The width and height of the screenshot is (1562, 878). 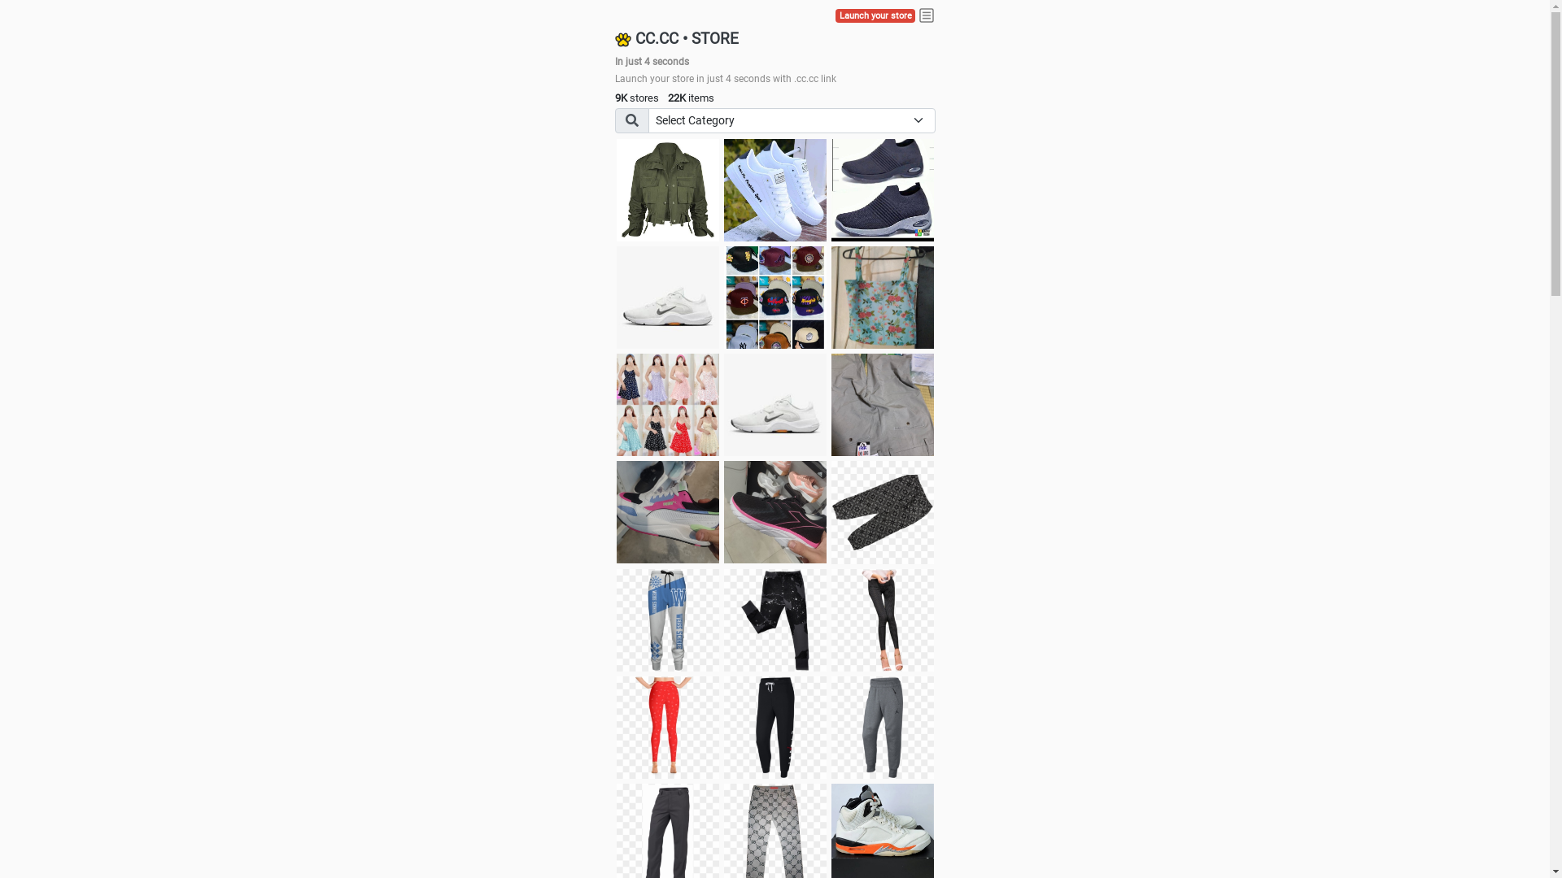 I want to click on 'Pant', so click(x=831, y=620).